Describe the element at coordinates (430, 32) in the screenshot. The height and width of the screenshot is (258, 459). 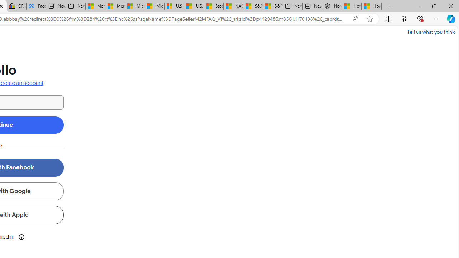
I see `'Tell us what you think - Link opens in a new window'` at that location.